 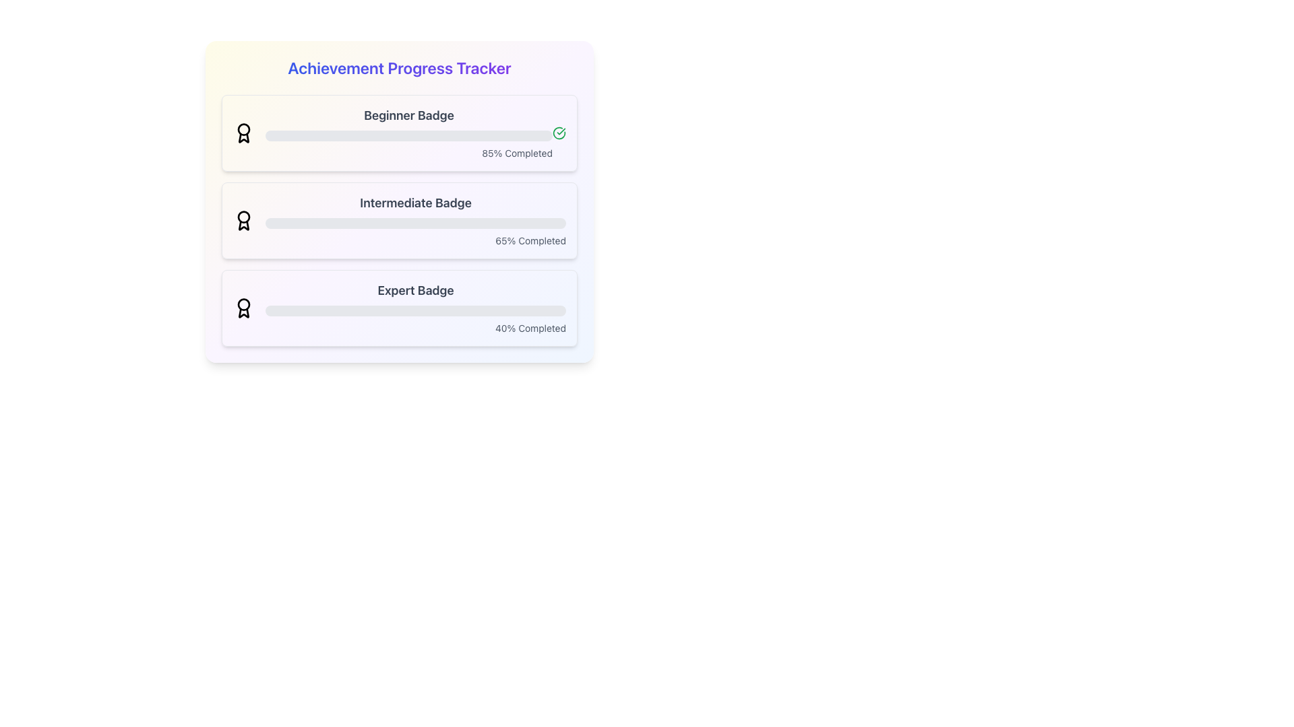 What do you see at coordinates (243, 219) in the screenshot?
I see `the award or medal icon located to the left of the 'Intermediate Badge' title within the second card element of the achievement progress tracker interface` at bounding box center [243, 219].